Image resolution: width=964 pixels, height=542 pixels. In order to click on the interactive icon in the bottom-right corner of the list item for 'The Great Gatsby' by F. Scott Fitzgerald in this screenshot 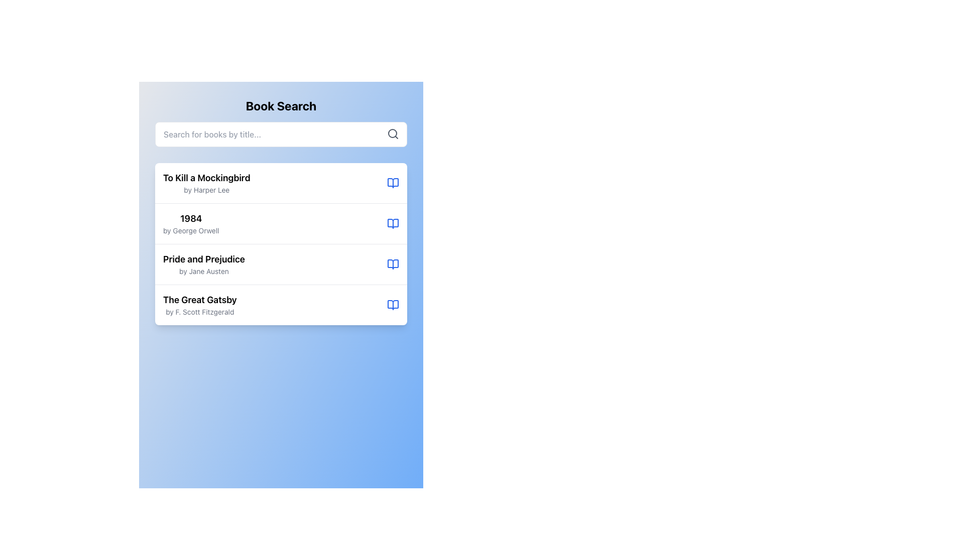, I will do `click(392, 305)`.